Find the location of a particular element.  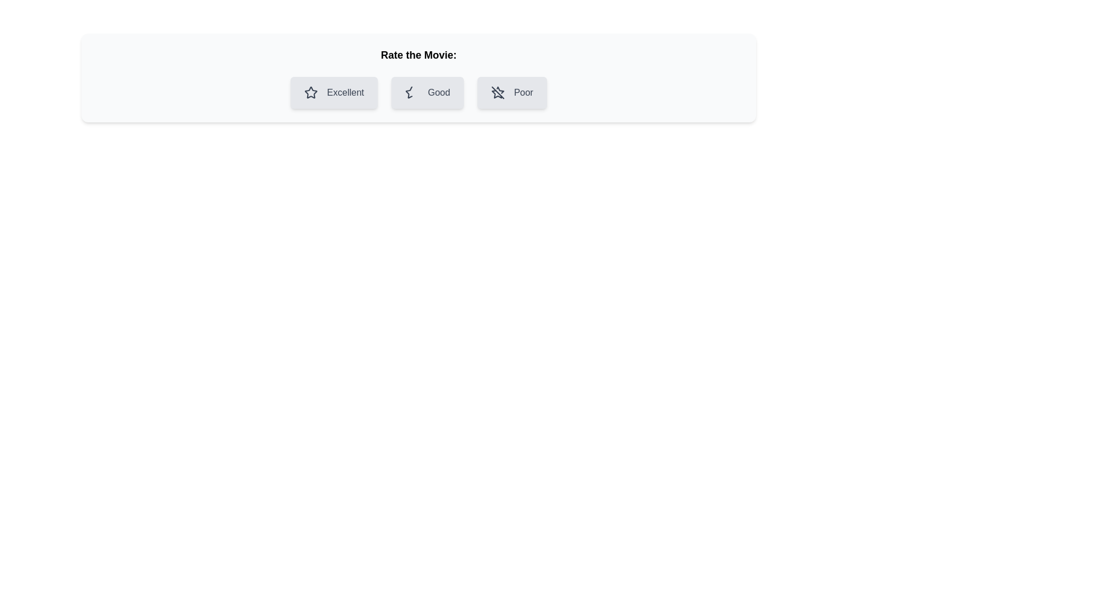

the chip labeled Poor to observe its hover state is located at coordinates (511, 92).